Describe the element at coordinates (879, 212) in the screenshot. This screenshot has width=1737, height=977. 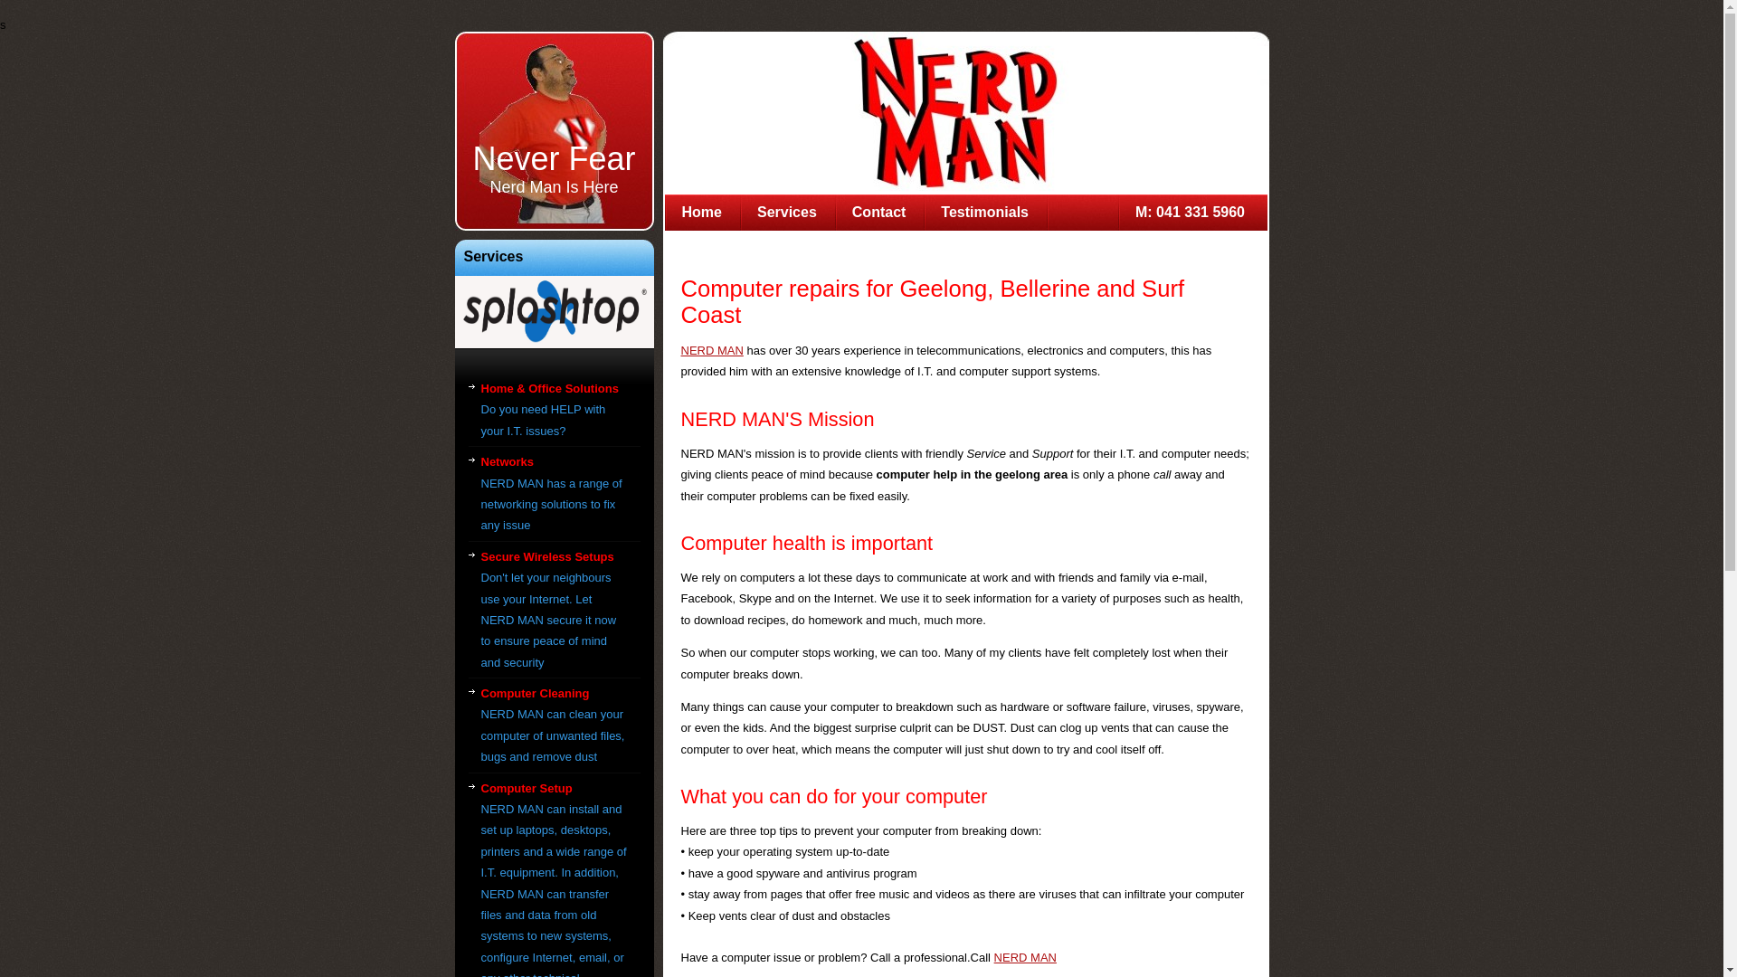
I see `'Contact'` at that location.